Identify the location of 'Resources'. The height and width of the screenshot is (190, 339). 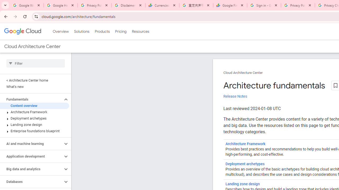
(140, 31).